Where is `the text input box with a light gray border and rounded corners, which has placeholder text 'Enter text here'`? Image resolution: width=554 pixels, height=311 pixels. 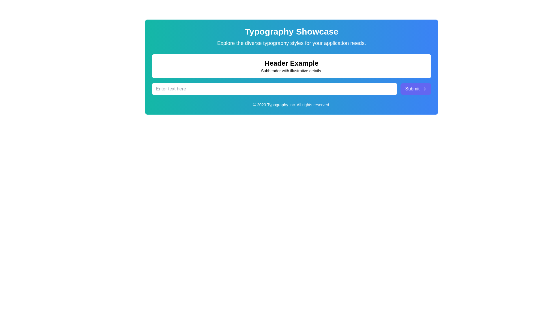 the text input box with a light gray border and rounded corners, which has placeholder text 'Enter text here' is located at coordinates (274, 89).